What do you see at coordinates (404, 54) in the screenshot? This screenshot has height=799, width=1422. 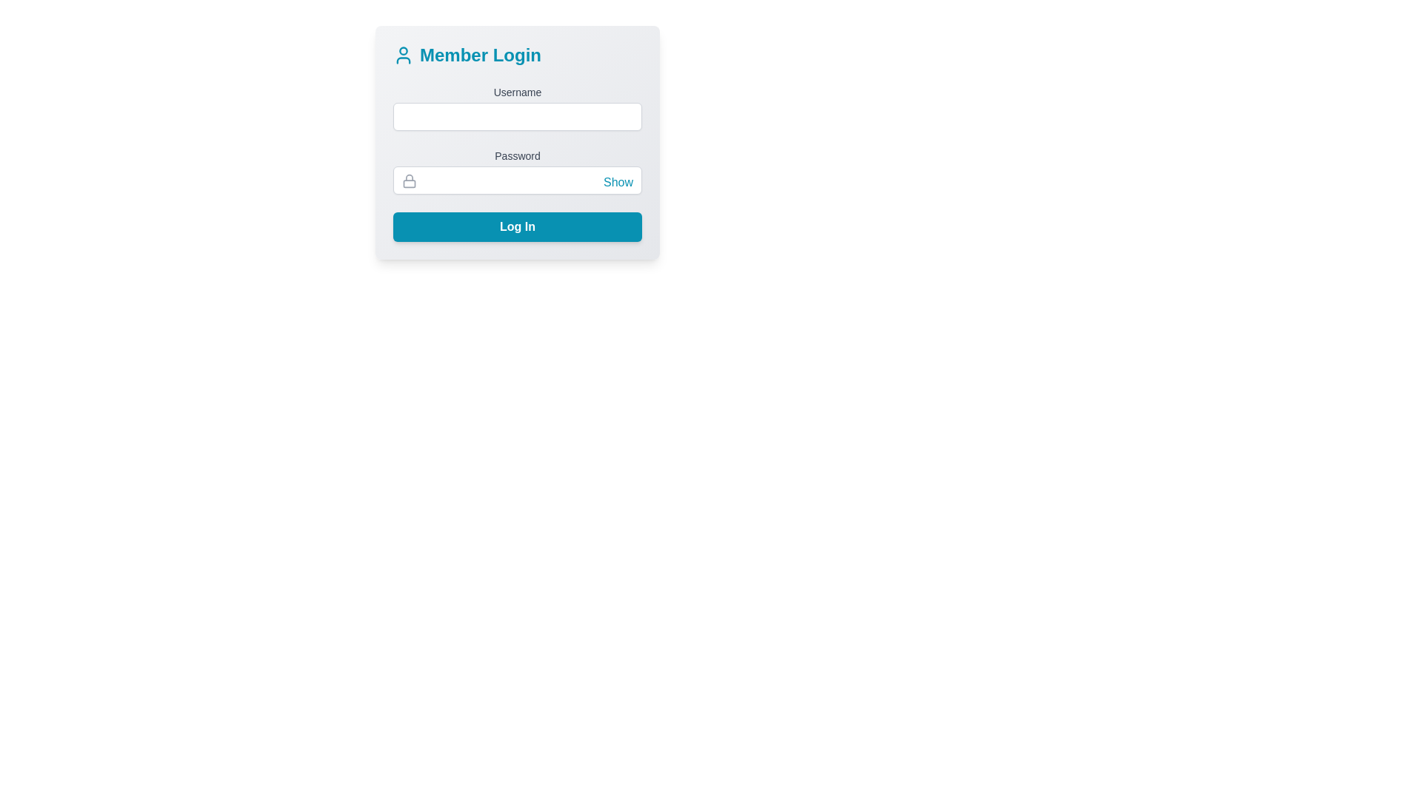 I see `the user icon, which is a blue circular head with a curved body outline, located to the left of the 'Member Login' text in the header section of the login form` at bounding box center [404, 54].